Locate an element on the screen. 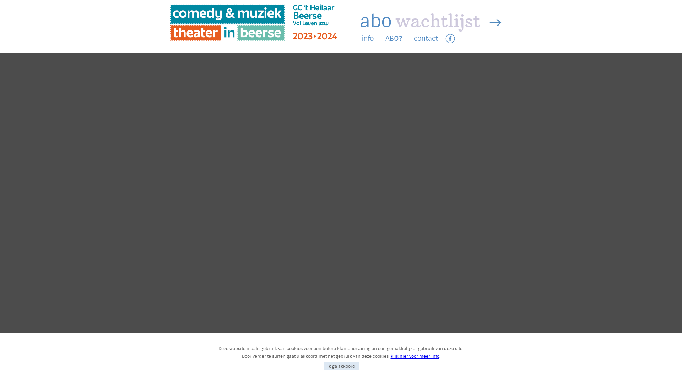 The image size is (682, 383). 'klik hier voor meer info' is located at coordinates (415, 356).